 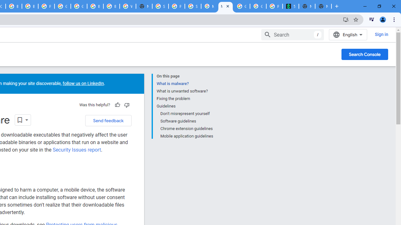 What do you see at coordinates (184, 106) in the screenshot?
I see `'Guidelines'` at bounding box center [184, 106].